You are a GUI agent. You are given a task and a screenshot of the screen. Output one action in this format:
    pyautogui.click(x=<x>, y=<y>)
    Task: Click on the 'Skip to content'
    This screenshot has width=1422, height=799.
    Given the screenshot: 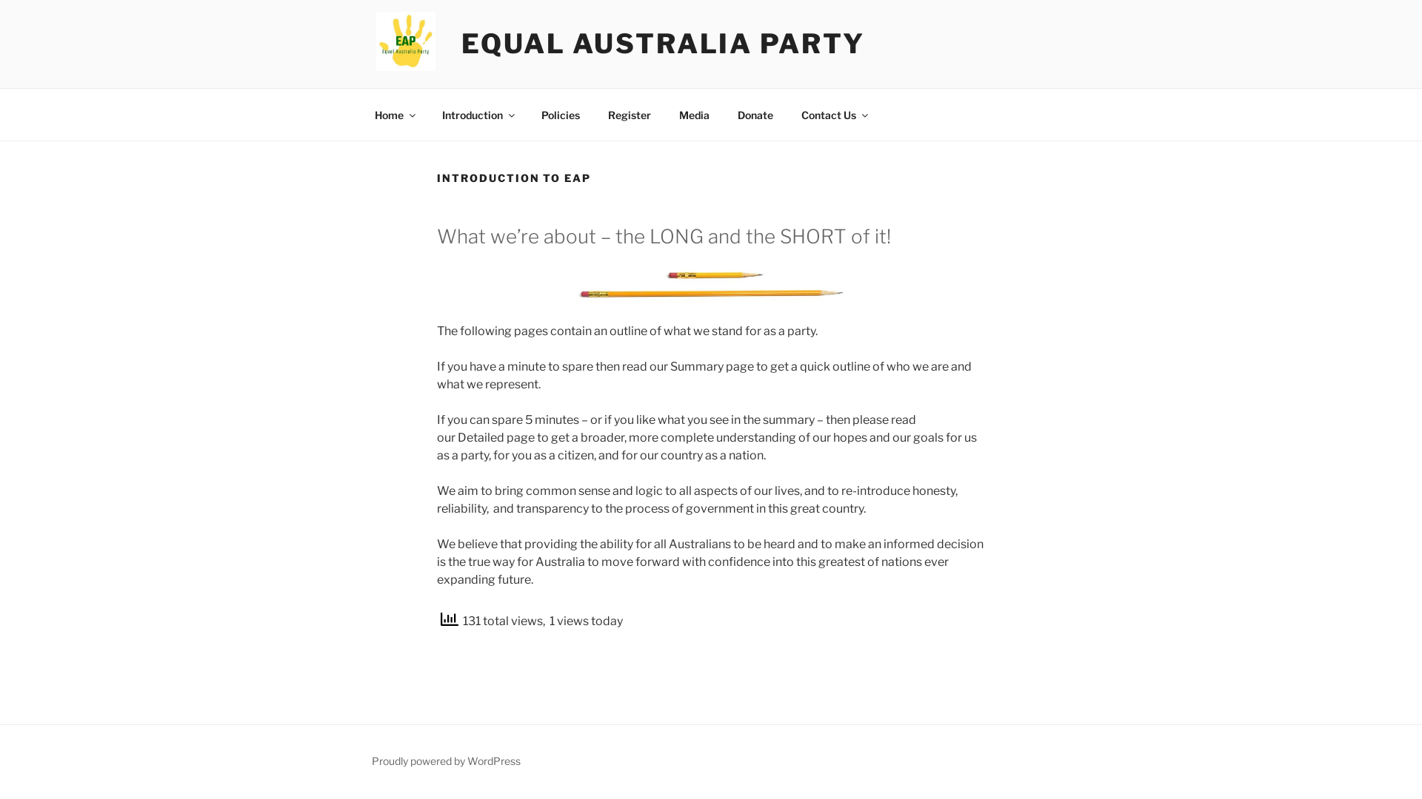 What is the action you would take?
    pyautogui.click(x=0, y=0)
    